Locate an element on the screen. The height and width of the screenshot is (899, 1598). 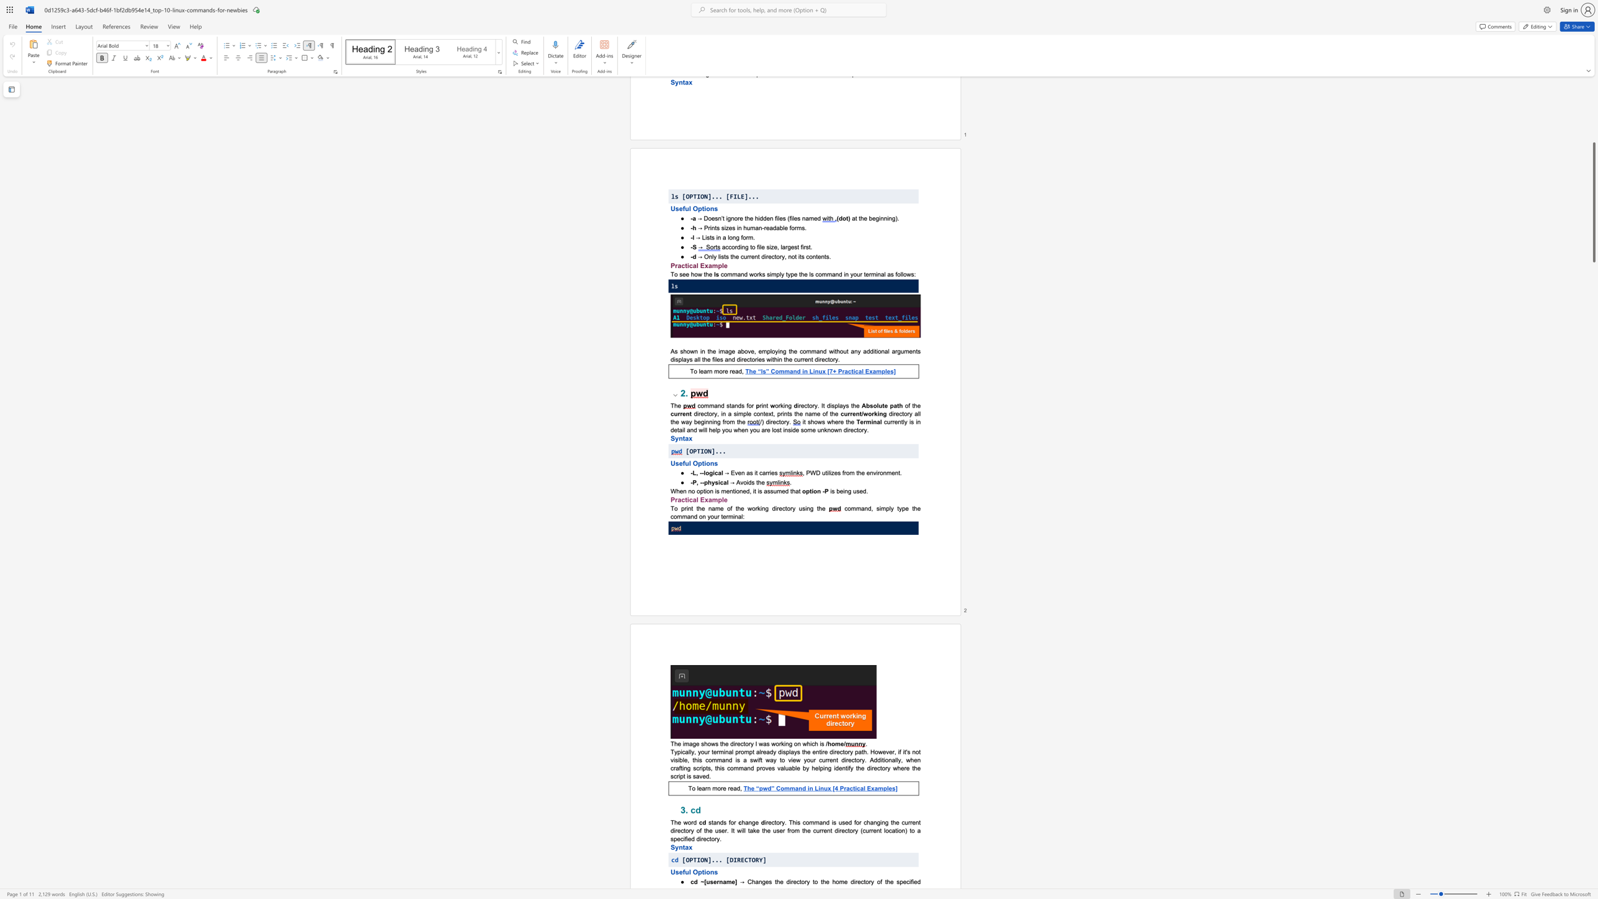
the 2th character "i" in the text is located at coordinates (734, 516).